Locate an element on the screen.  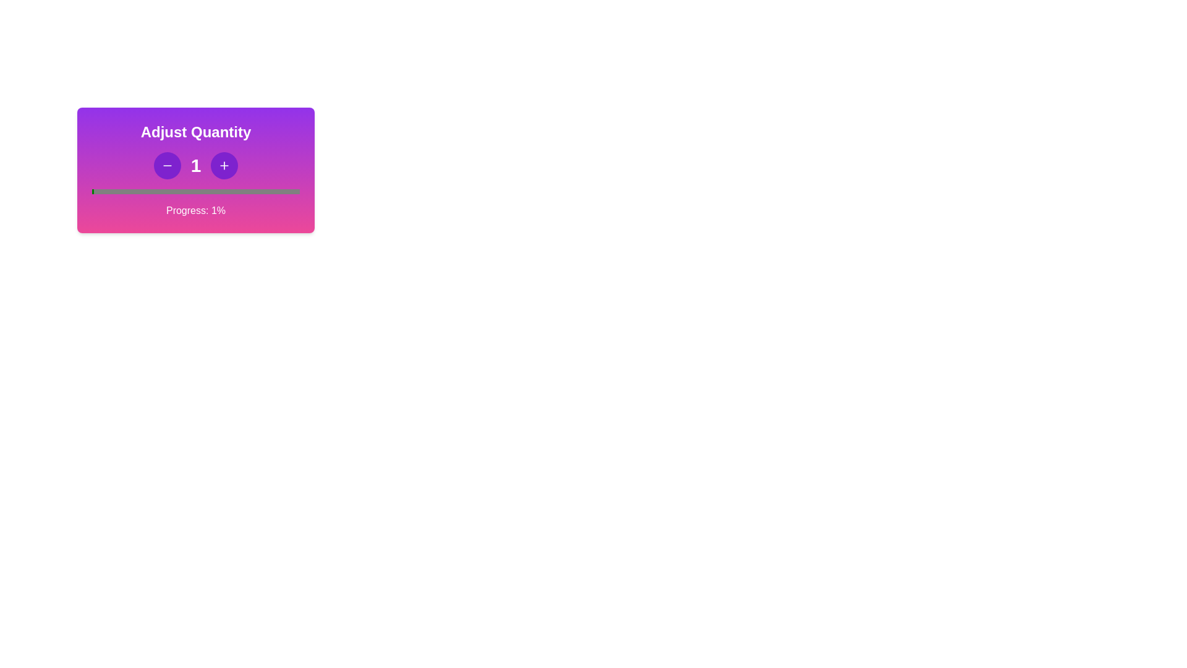
the non-interactive Text Display that represents the current value in the range adjustment system, which is centrally positioned between the minus button and the plus button is located at coordinates (195, 165).